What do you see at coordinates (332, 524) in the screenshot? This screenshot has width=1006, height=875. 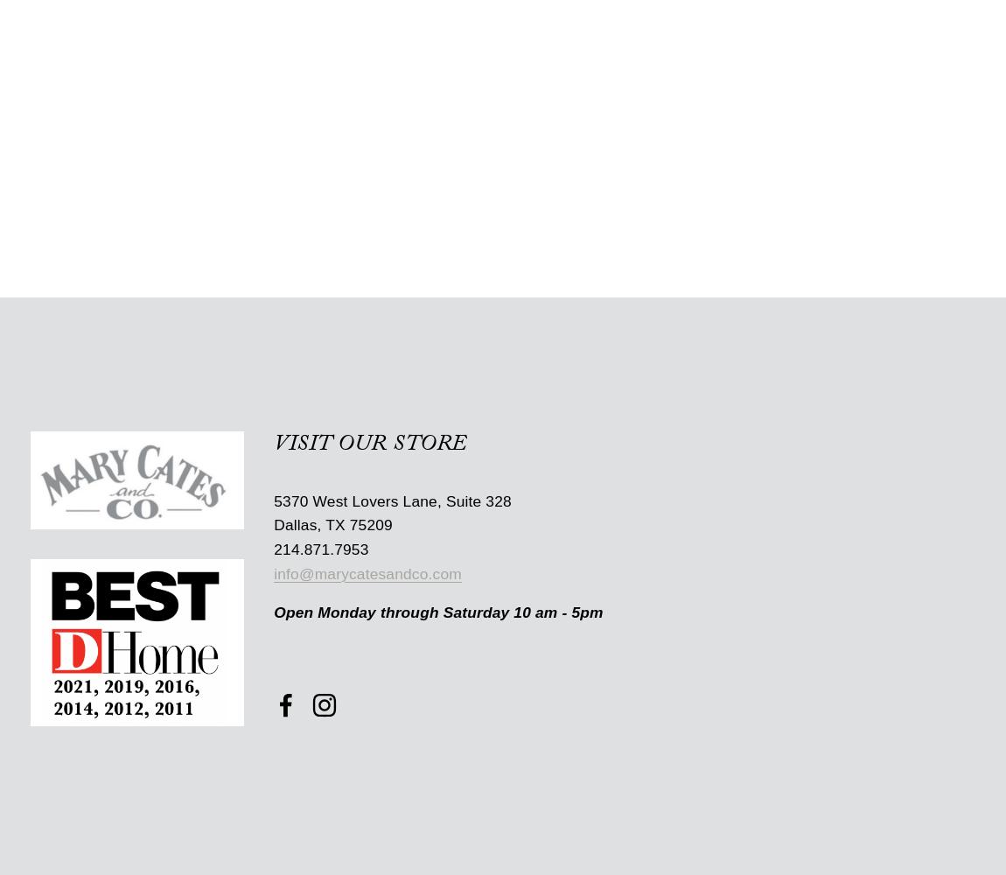 I see `'Dallas, TX 75209'` at bounding box center [332, 524].